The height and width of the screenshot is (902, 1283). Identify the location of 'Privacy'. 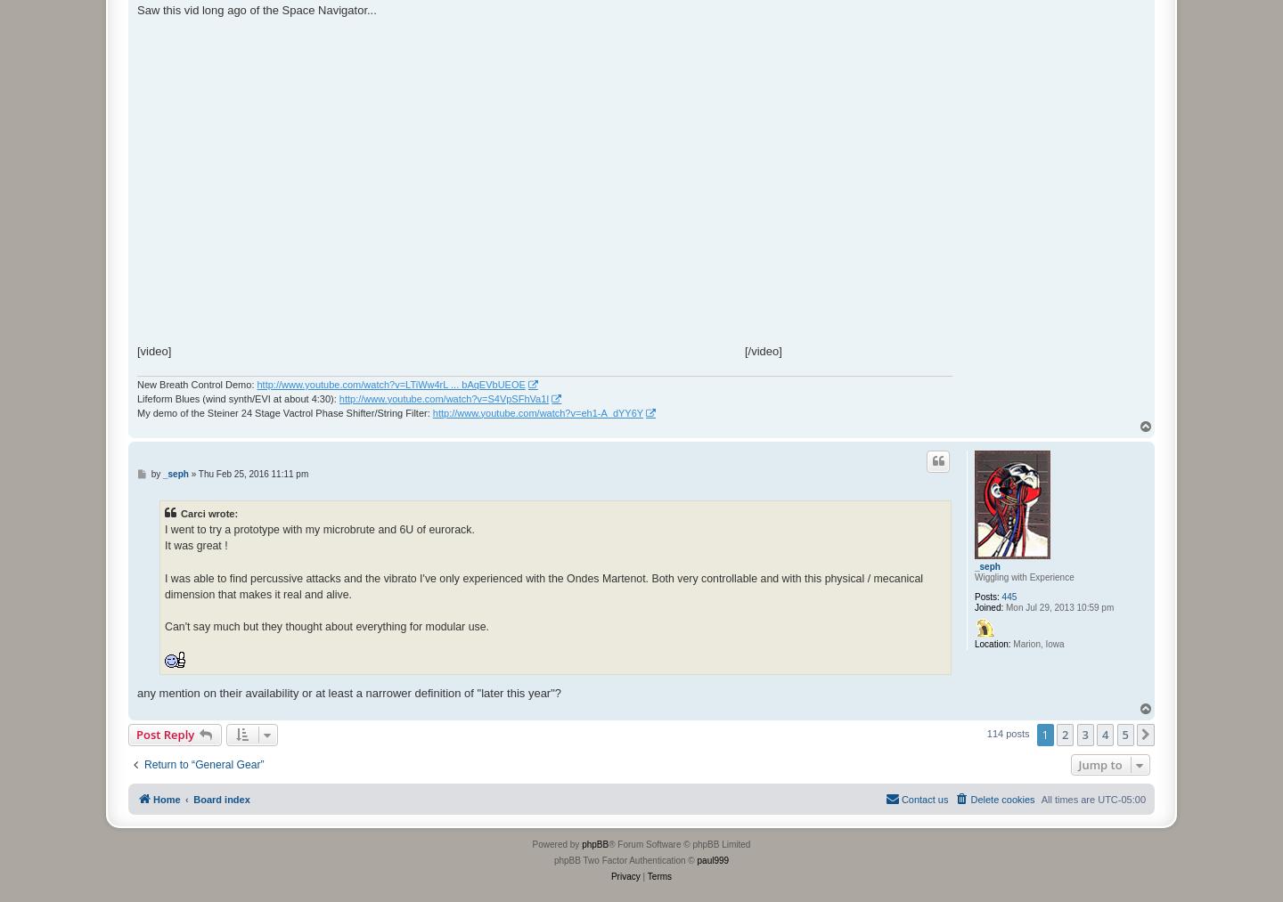
(625, 875).